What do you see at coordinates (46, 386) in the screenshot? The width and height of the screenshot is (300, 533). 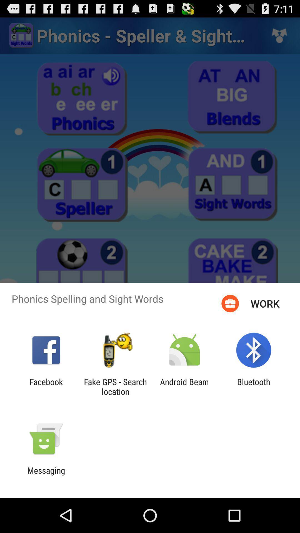 I see `facebook item` at bounding box center [46, 386].